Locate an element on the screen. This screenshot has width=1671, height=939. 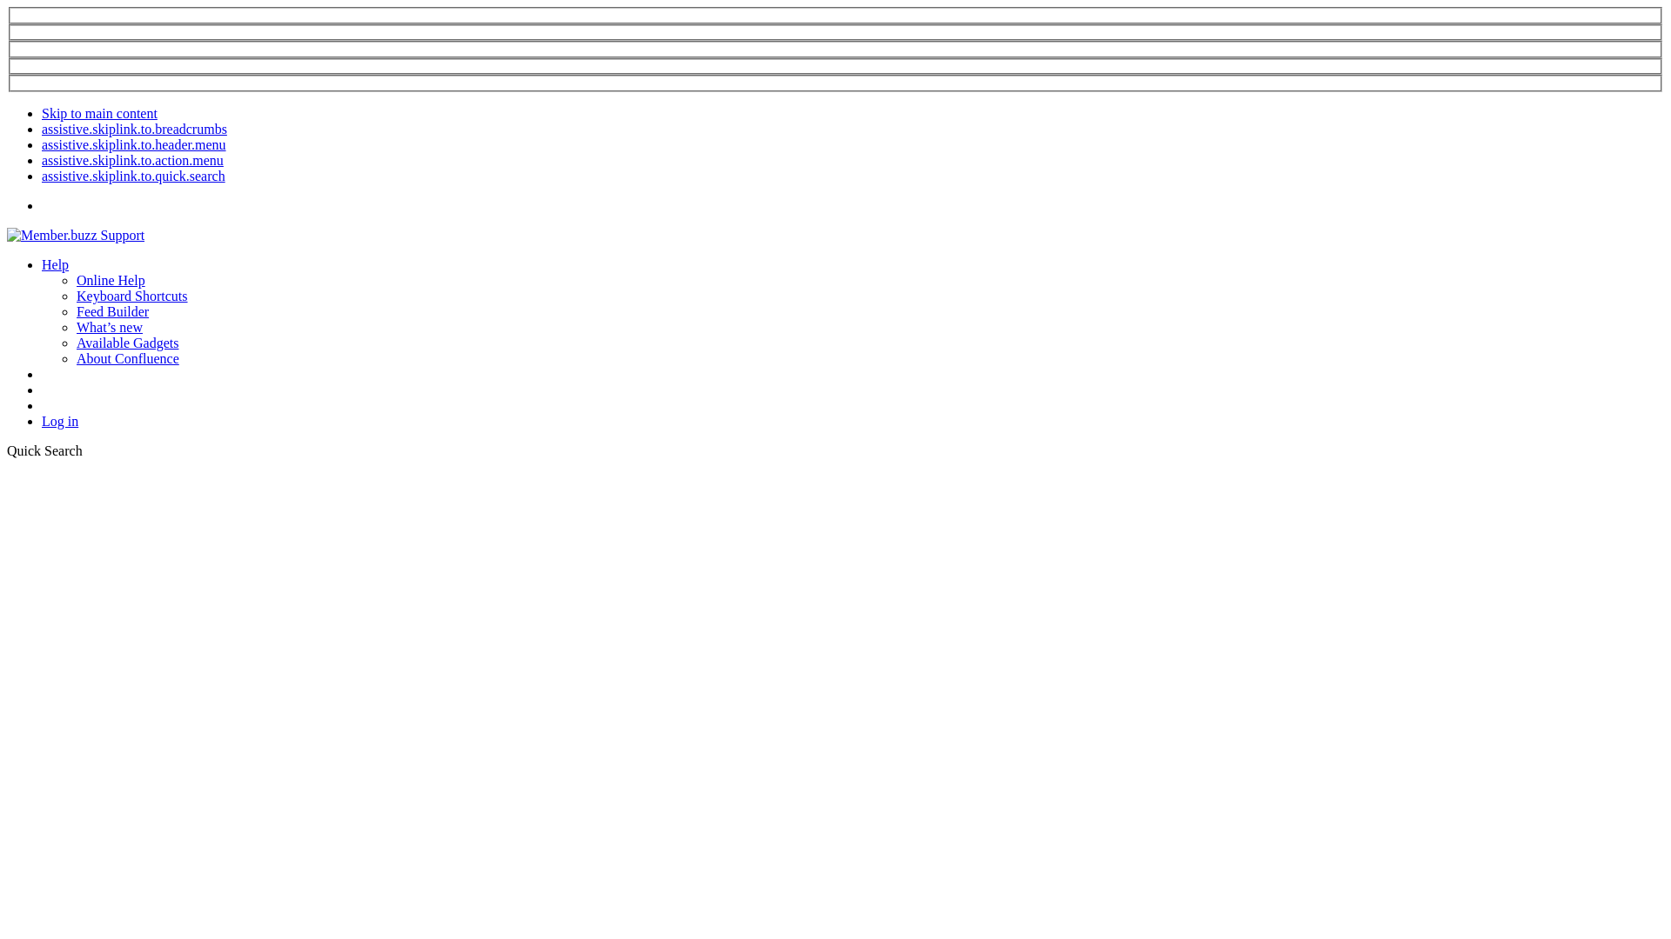
'assistive.skiplink.to.breadcrumbs' is located at coordinates (133, 128).